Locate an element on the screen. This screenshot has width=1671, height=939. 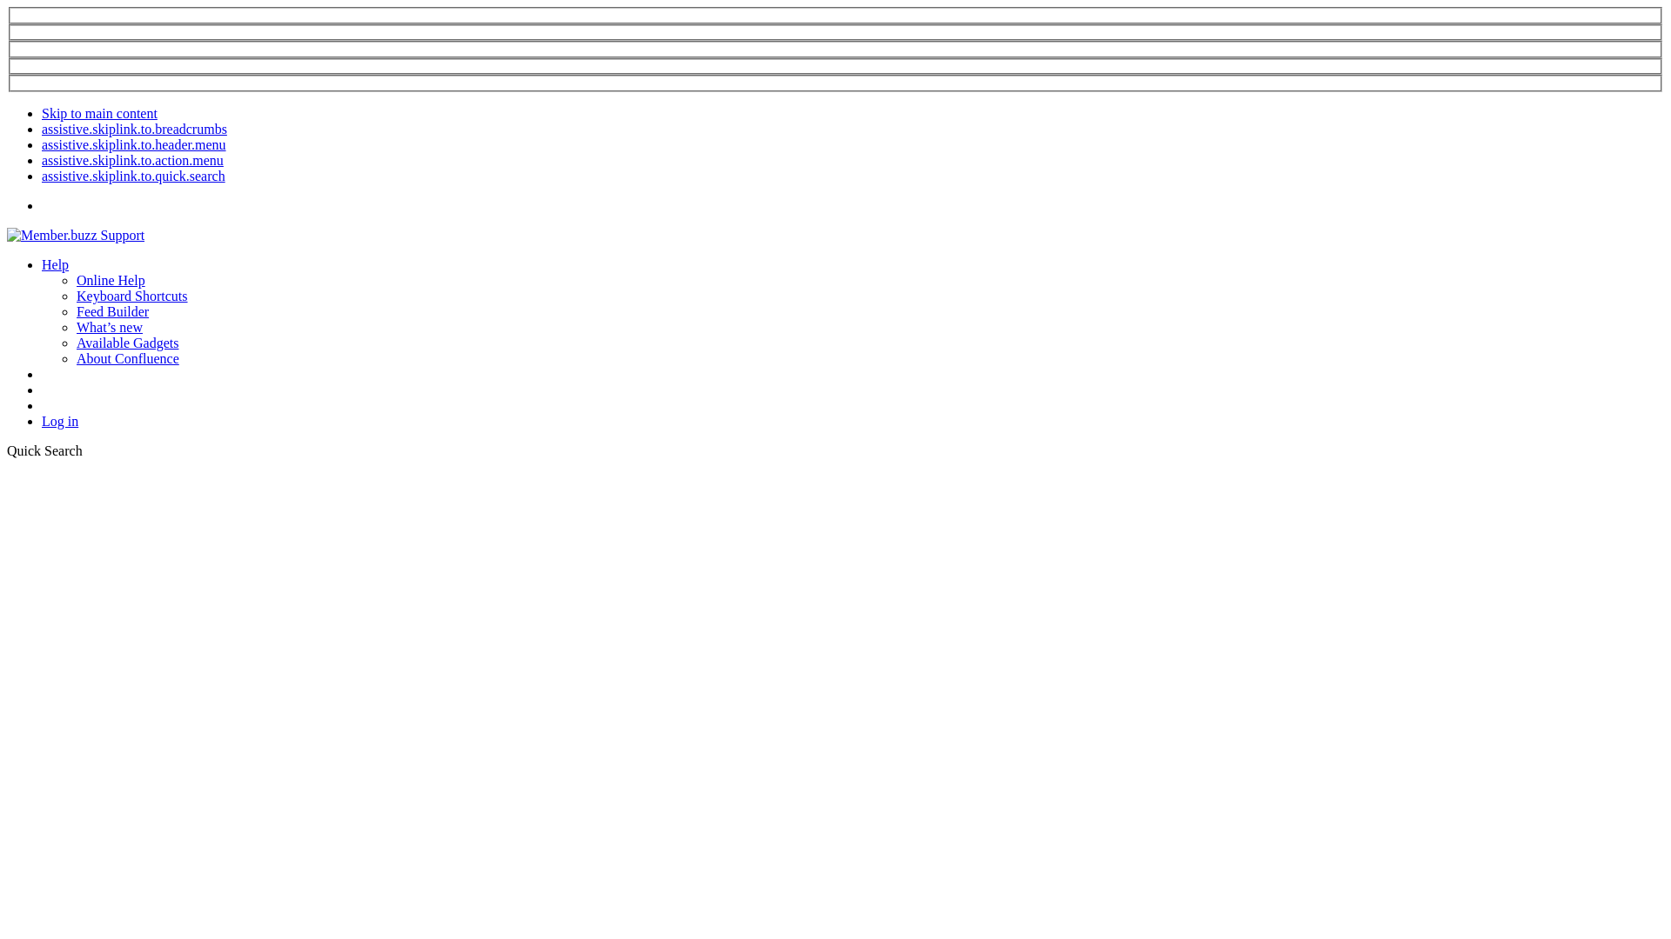
'assistive.skiplink.to.breadcrumbs' is located at coordinates (133, 128).